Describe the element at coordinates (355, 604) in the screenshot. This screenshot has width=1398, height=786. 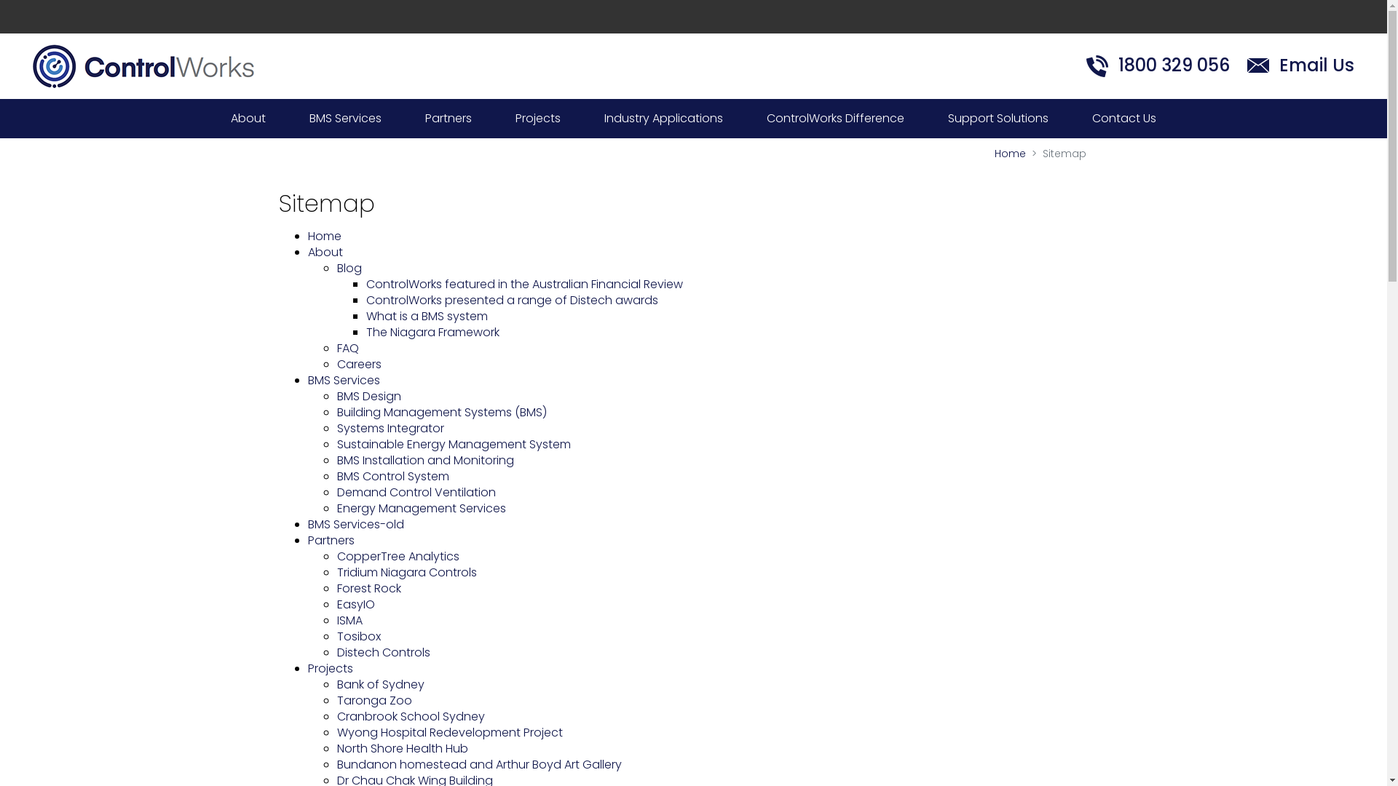
I see `'EasyIO'` at that location.